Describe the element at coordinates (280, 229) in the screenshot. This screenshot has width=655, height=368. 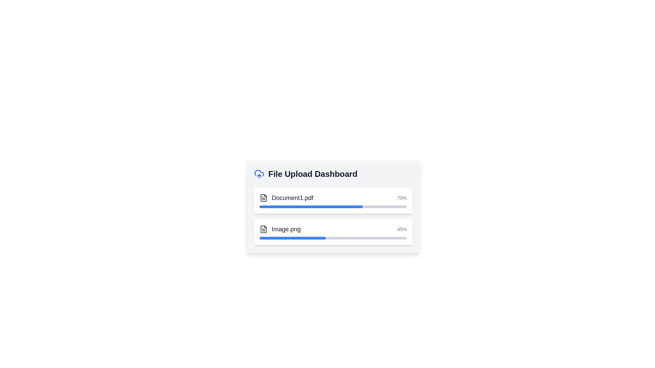
I see `the file-item display component that shows the file's icon and filename, located in the 'File Upload Dashboard' section, specifically the second item below 'Document1.pdf'` at that location.